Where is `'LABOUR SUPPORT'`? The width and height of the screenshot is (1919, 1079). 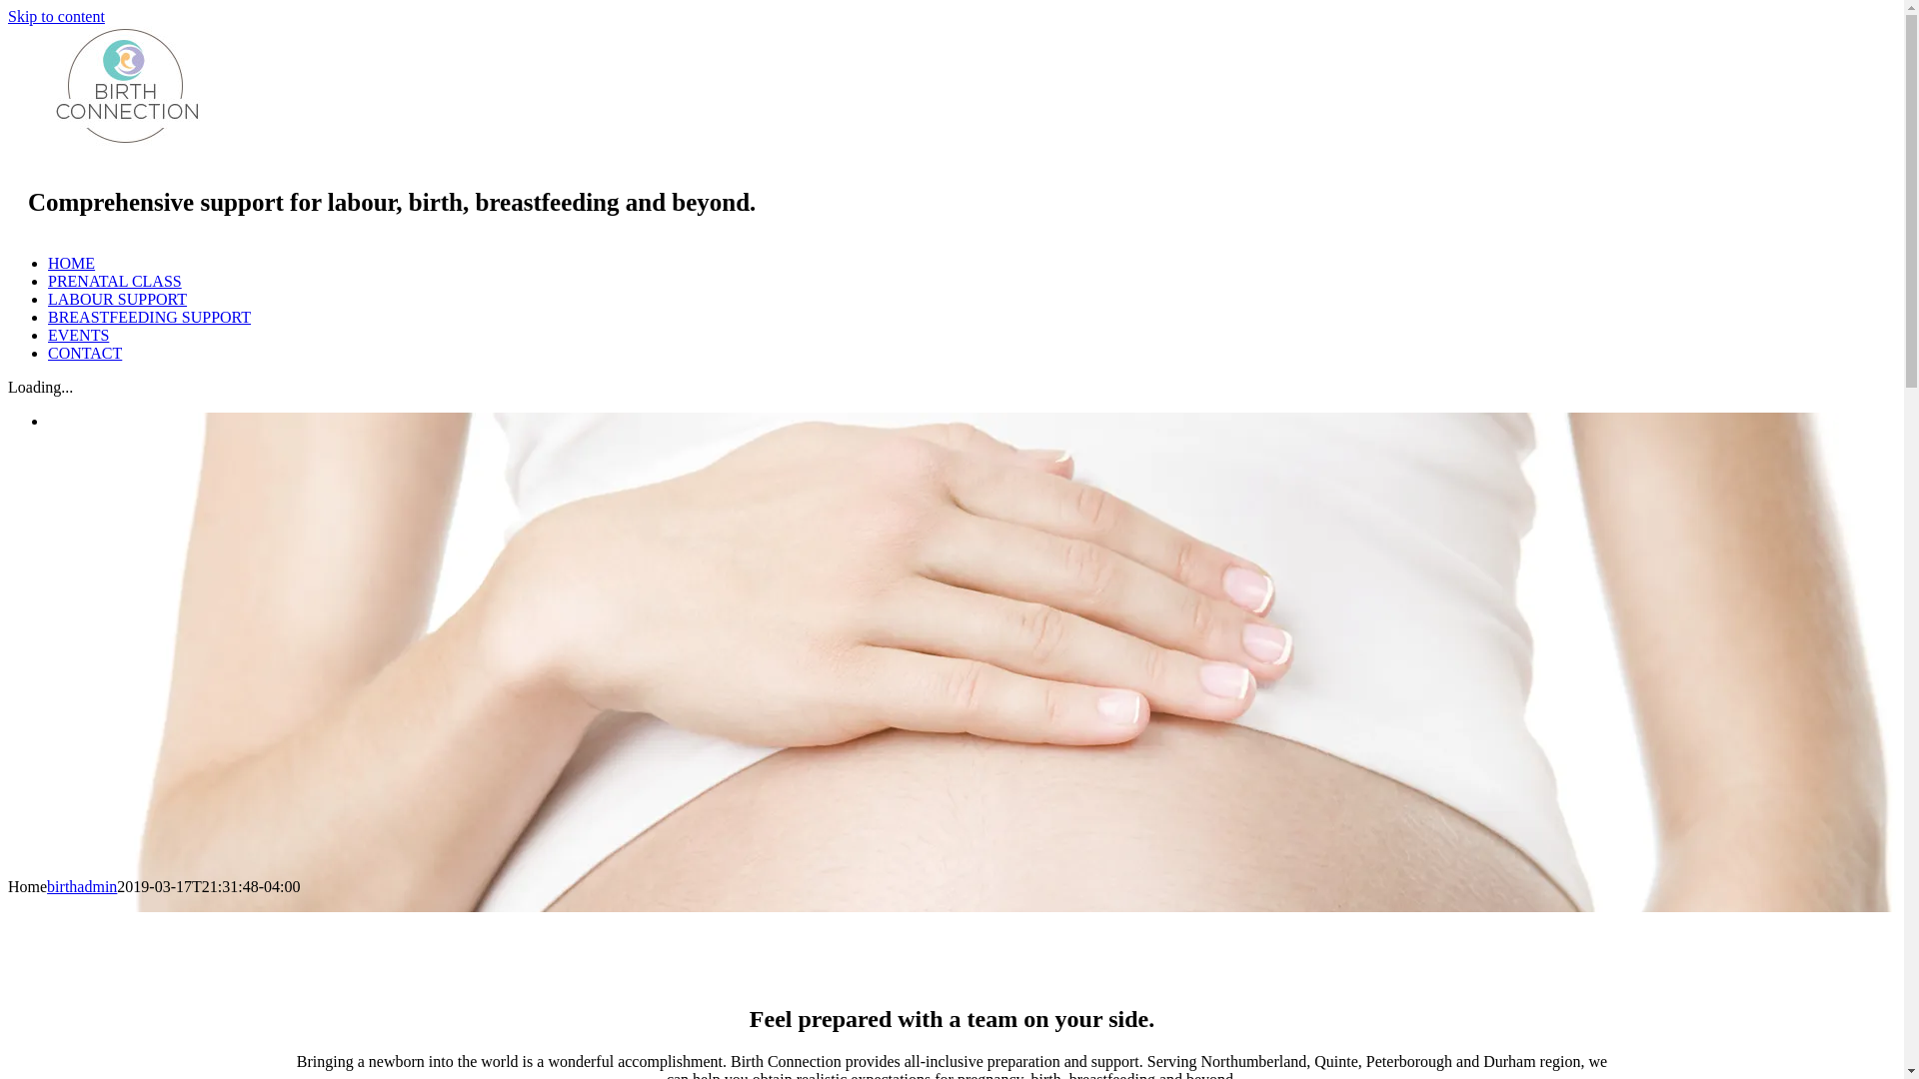
'LABOUR SUPPORT' is located at coordinates (116, 299).